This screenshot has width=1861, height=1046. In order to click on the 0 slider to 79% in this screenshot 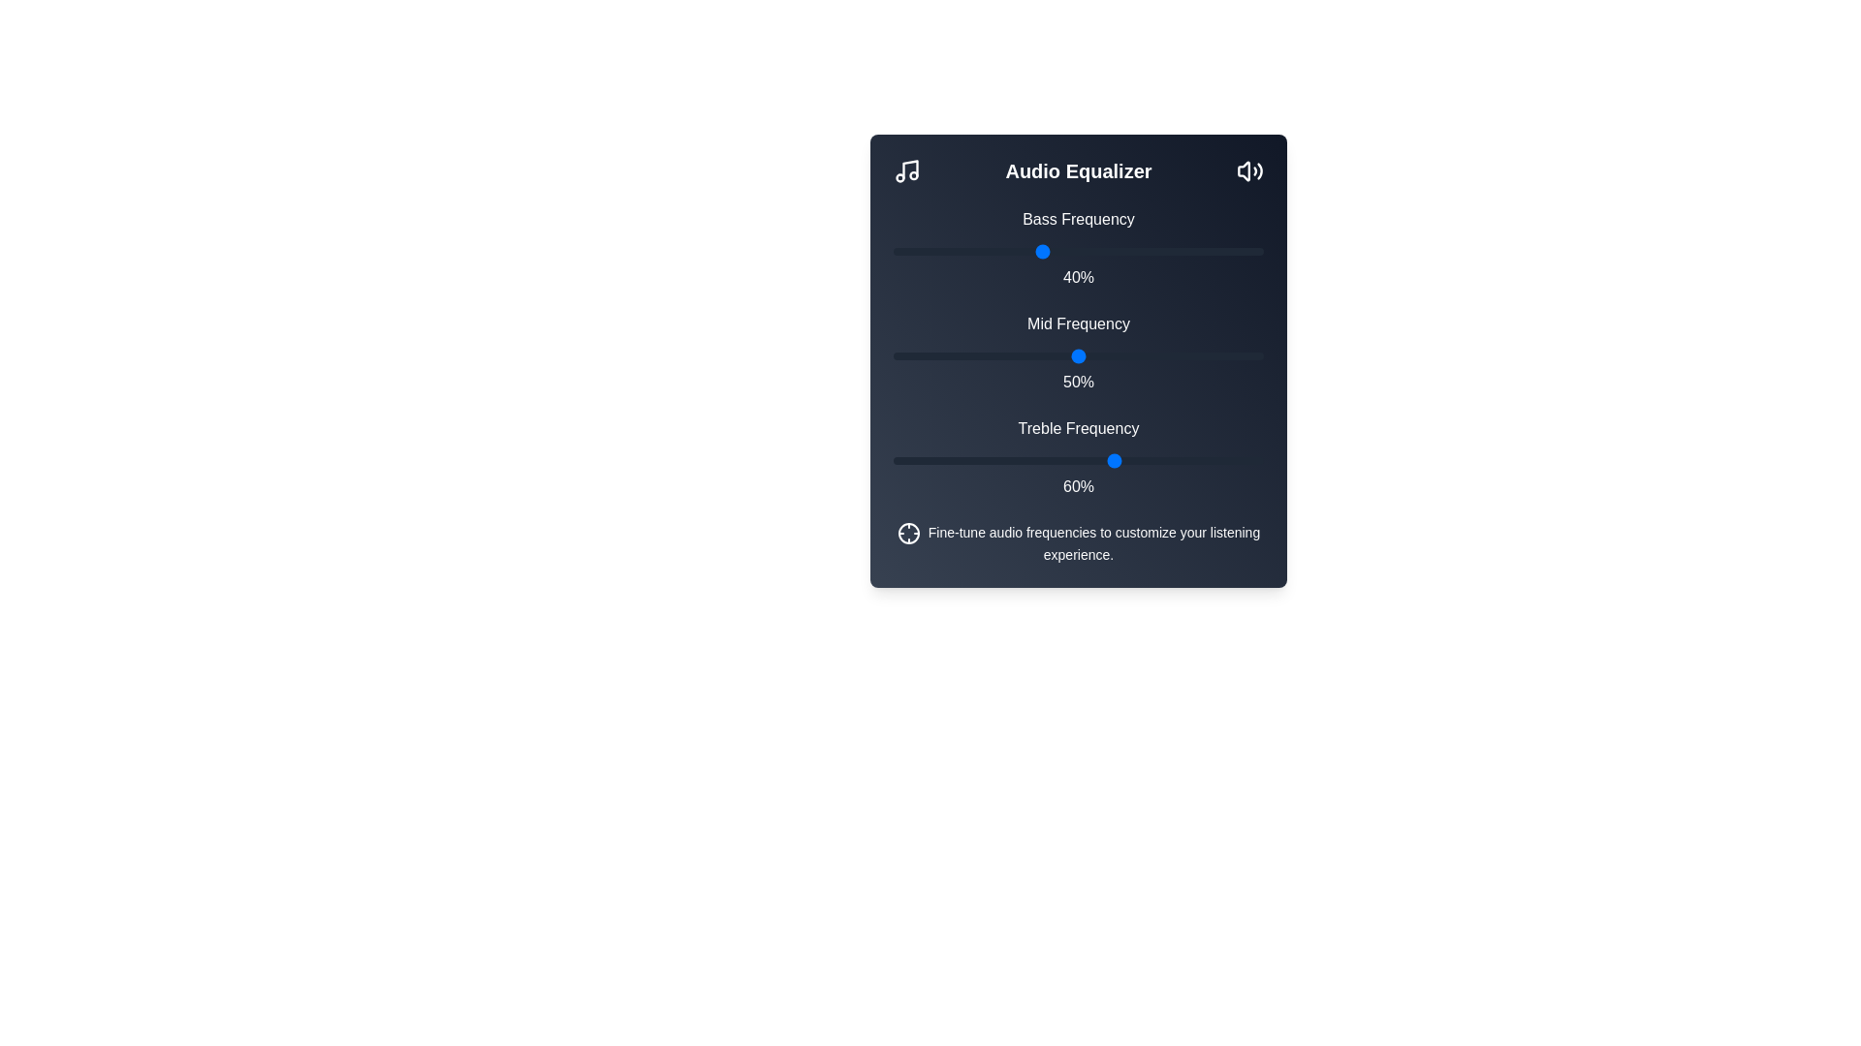, I will do `click(1184, 250)`.